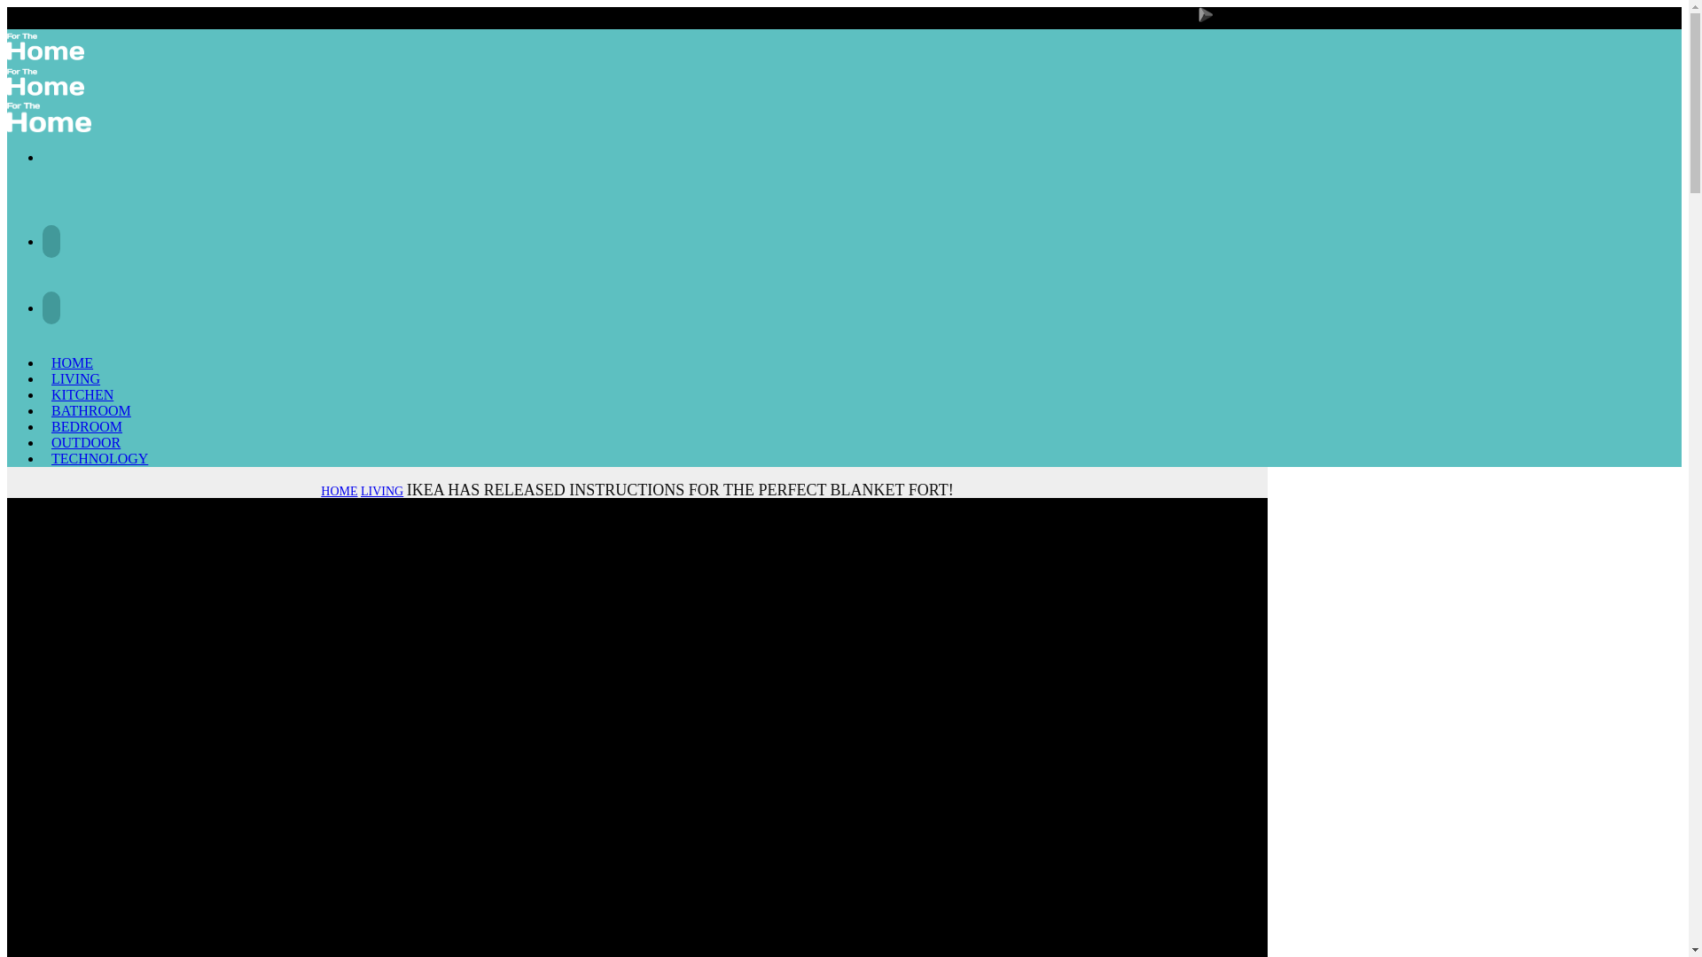 Image resolution: width=1702 pixels, height=957 pixels. I want to click on 'Facebook', so click(51, 241).